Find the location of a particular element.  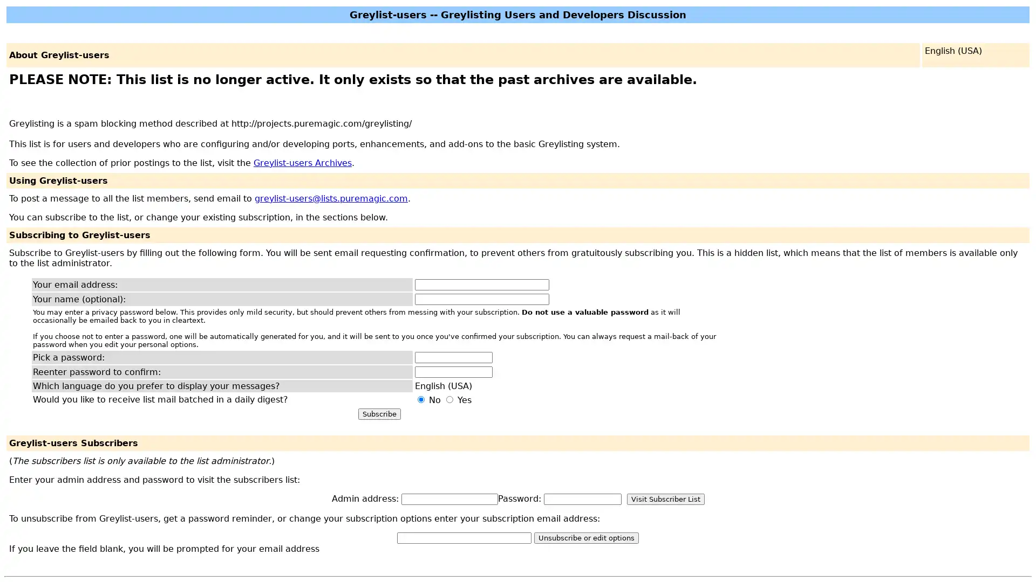

Subscribe is located at coordinates (379, 413).